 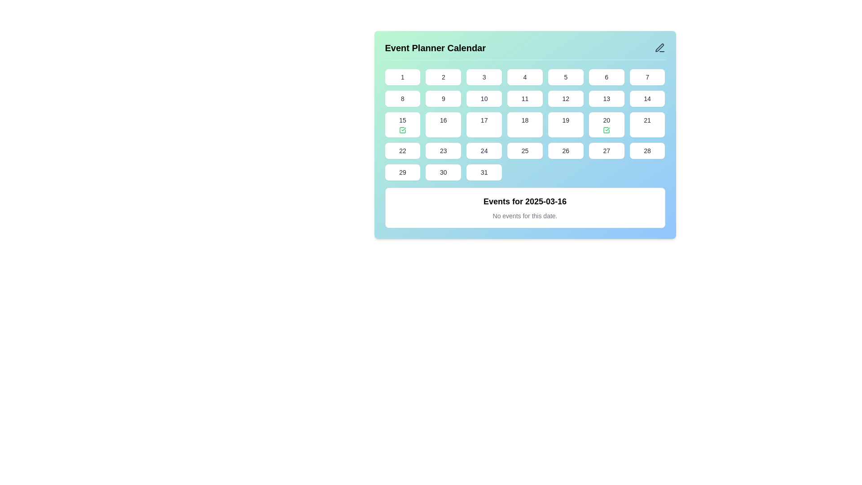 What do you see at coordinates (647, 98) in the screenshot?
I see `the rectangular button displaying the number '14' with a white background and rounded corners` at bounding box center [647, 98].